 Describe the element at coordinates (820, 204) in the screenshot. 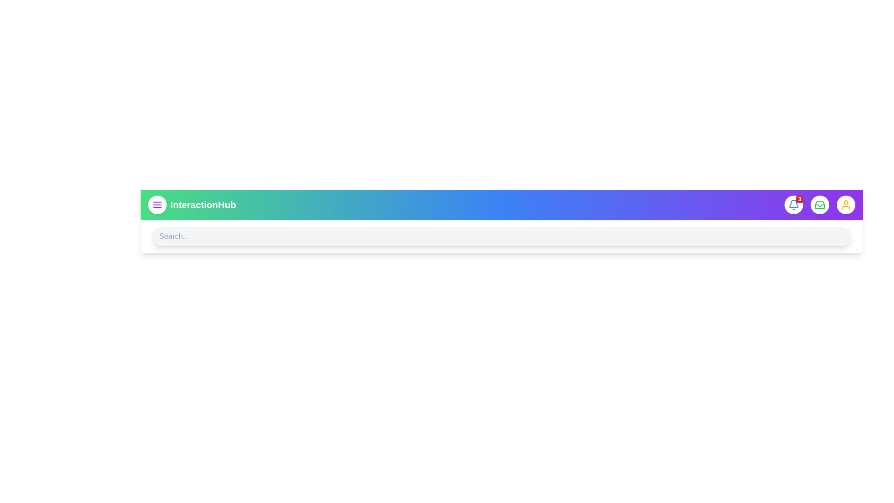

I see `the inbox icon to view messages` at that location.